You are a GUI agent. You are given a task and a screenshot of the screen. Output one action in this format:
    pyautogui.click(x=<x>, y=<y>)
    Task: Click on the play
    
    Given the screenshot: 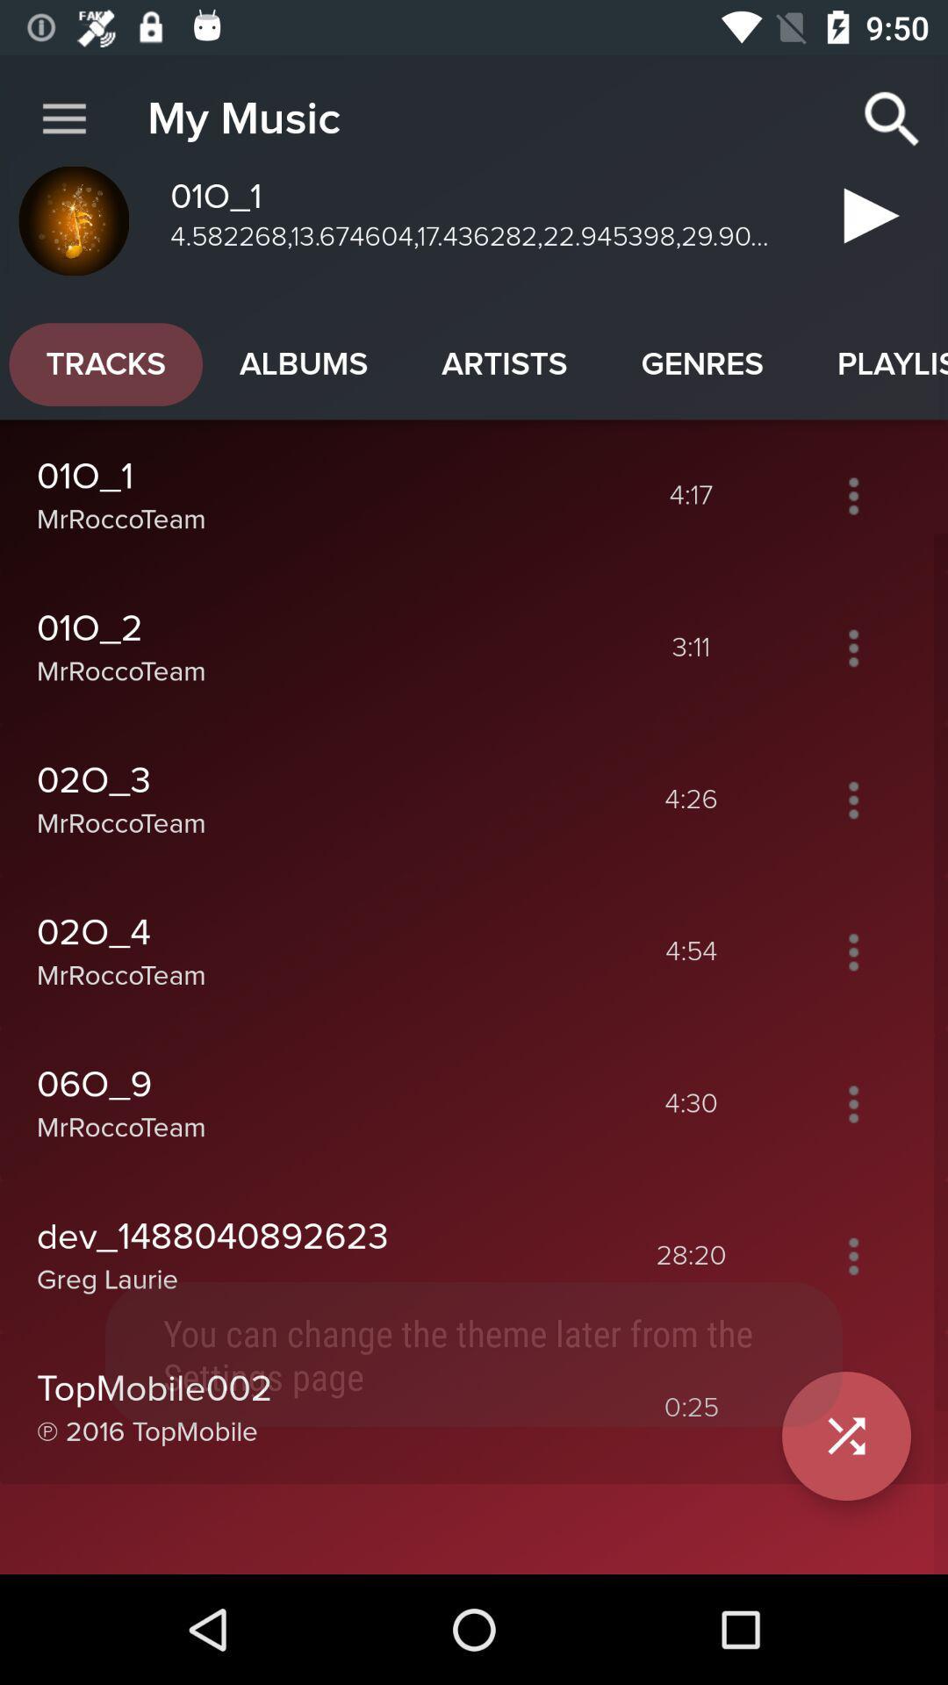 What is the action you would take?
    pyautogui.click(x=852, y=1408)
    